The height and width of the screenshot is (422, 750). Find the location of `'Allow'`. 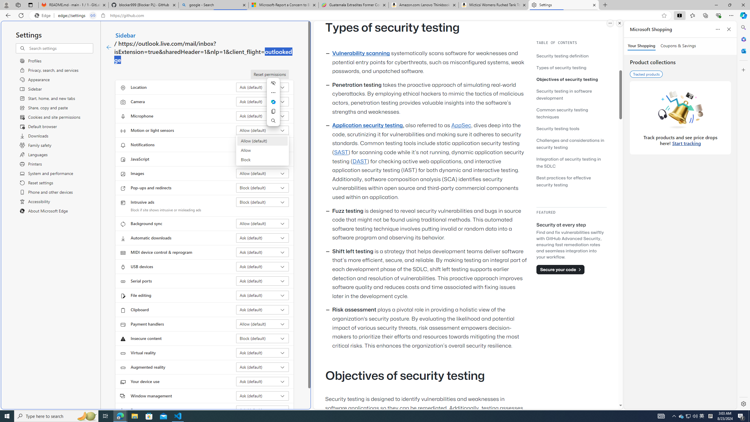

'Allow' is located at coordinates (262, 150).